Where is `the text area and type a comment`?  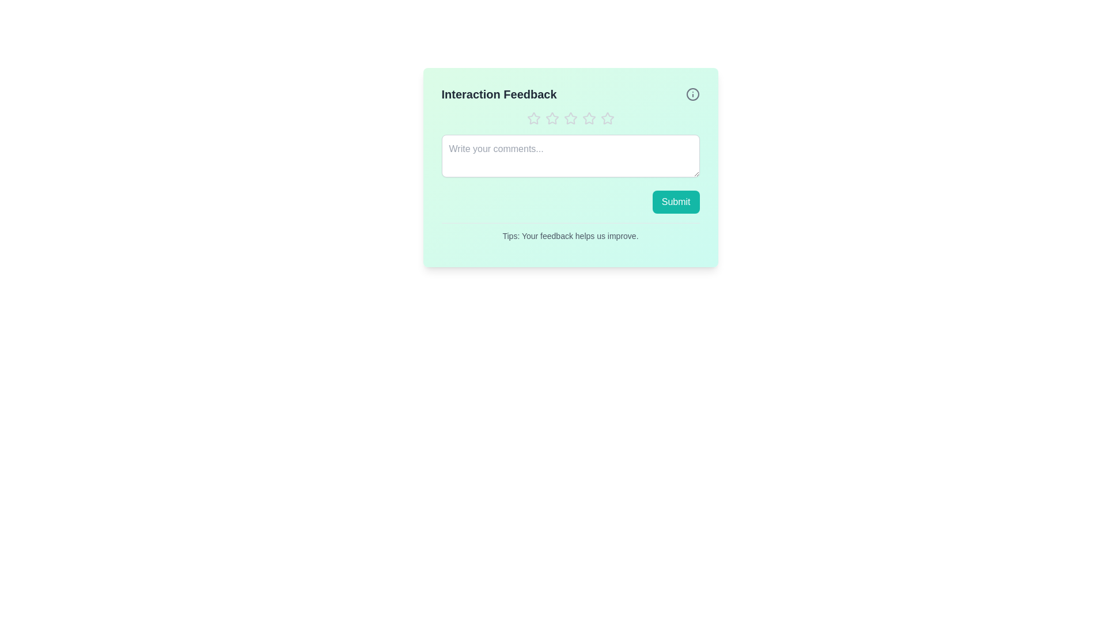
the text area and type a comment is located at coordinates (570, 155).